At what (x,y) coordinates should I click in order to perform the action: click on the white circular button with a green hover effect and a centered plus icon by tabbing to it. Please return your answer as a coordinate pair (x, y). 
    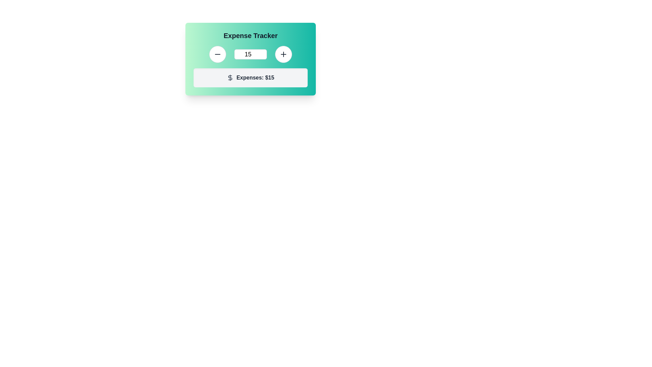
    Looking at the image, I should click on (284, 54).